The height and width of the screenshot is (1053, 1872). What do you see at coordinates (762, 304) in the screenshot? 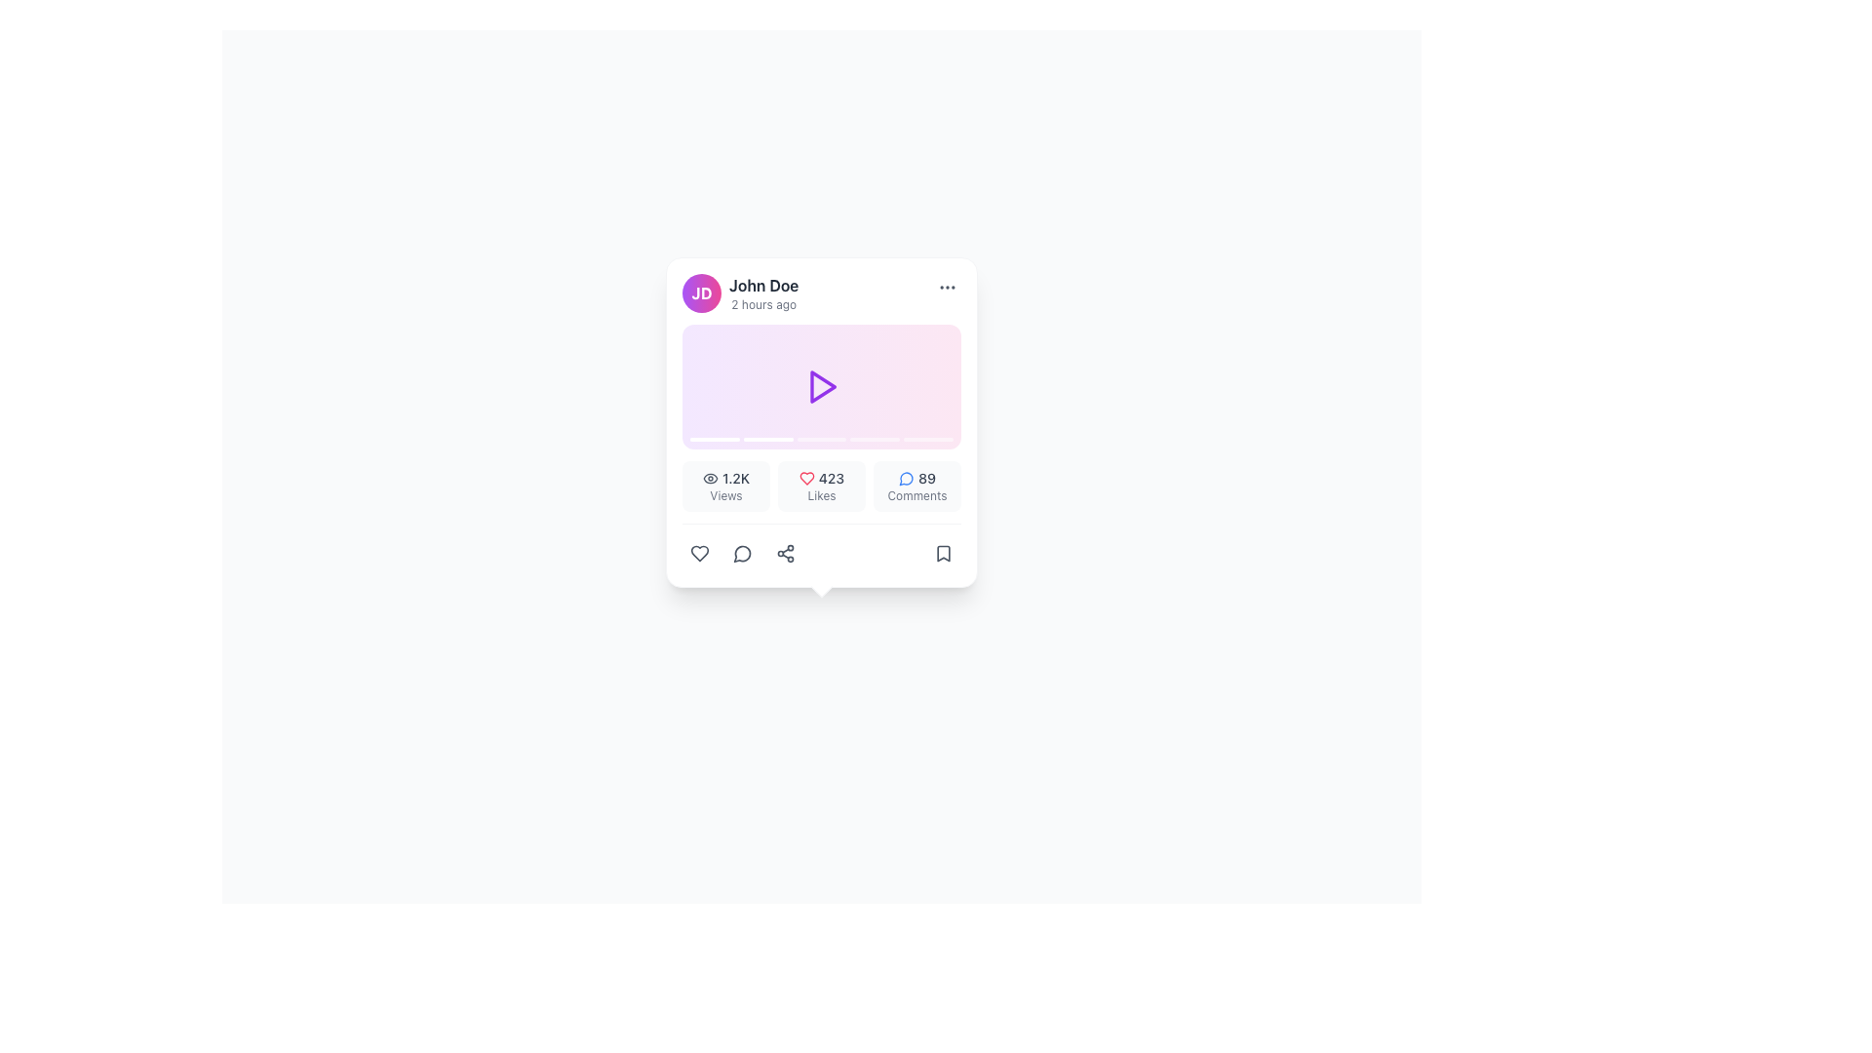
I see `time label that displays how long ago the post was made, located beneath the username 'John Doe' in the social media post card` at bounding box center [762, 304].